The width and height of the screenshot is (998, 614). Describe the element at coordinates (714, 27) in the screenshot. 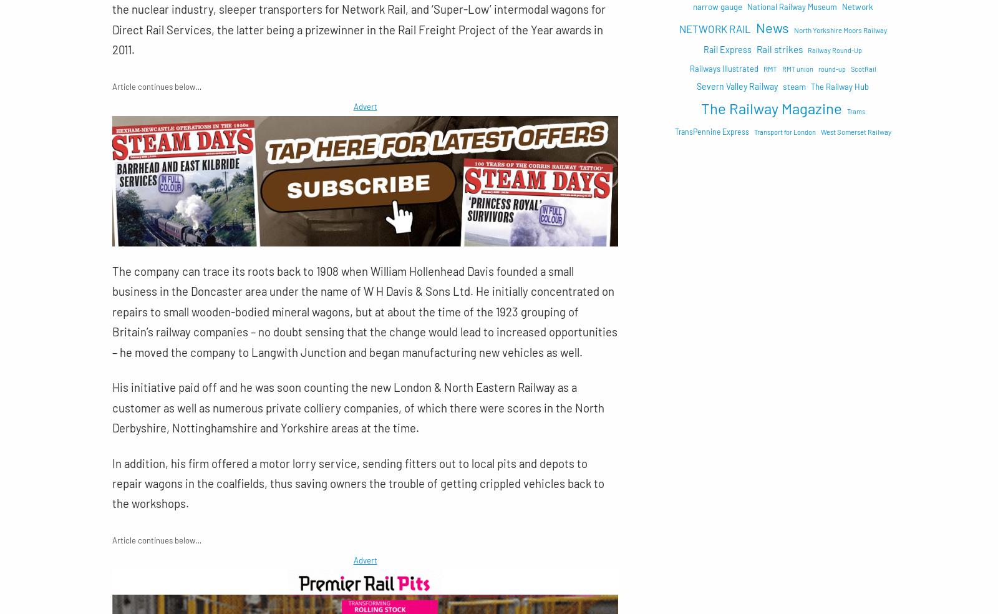

I see `'NETWORK RAIL'` at that location.